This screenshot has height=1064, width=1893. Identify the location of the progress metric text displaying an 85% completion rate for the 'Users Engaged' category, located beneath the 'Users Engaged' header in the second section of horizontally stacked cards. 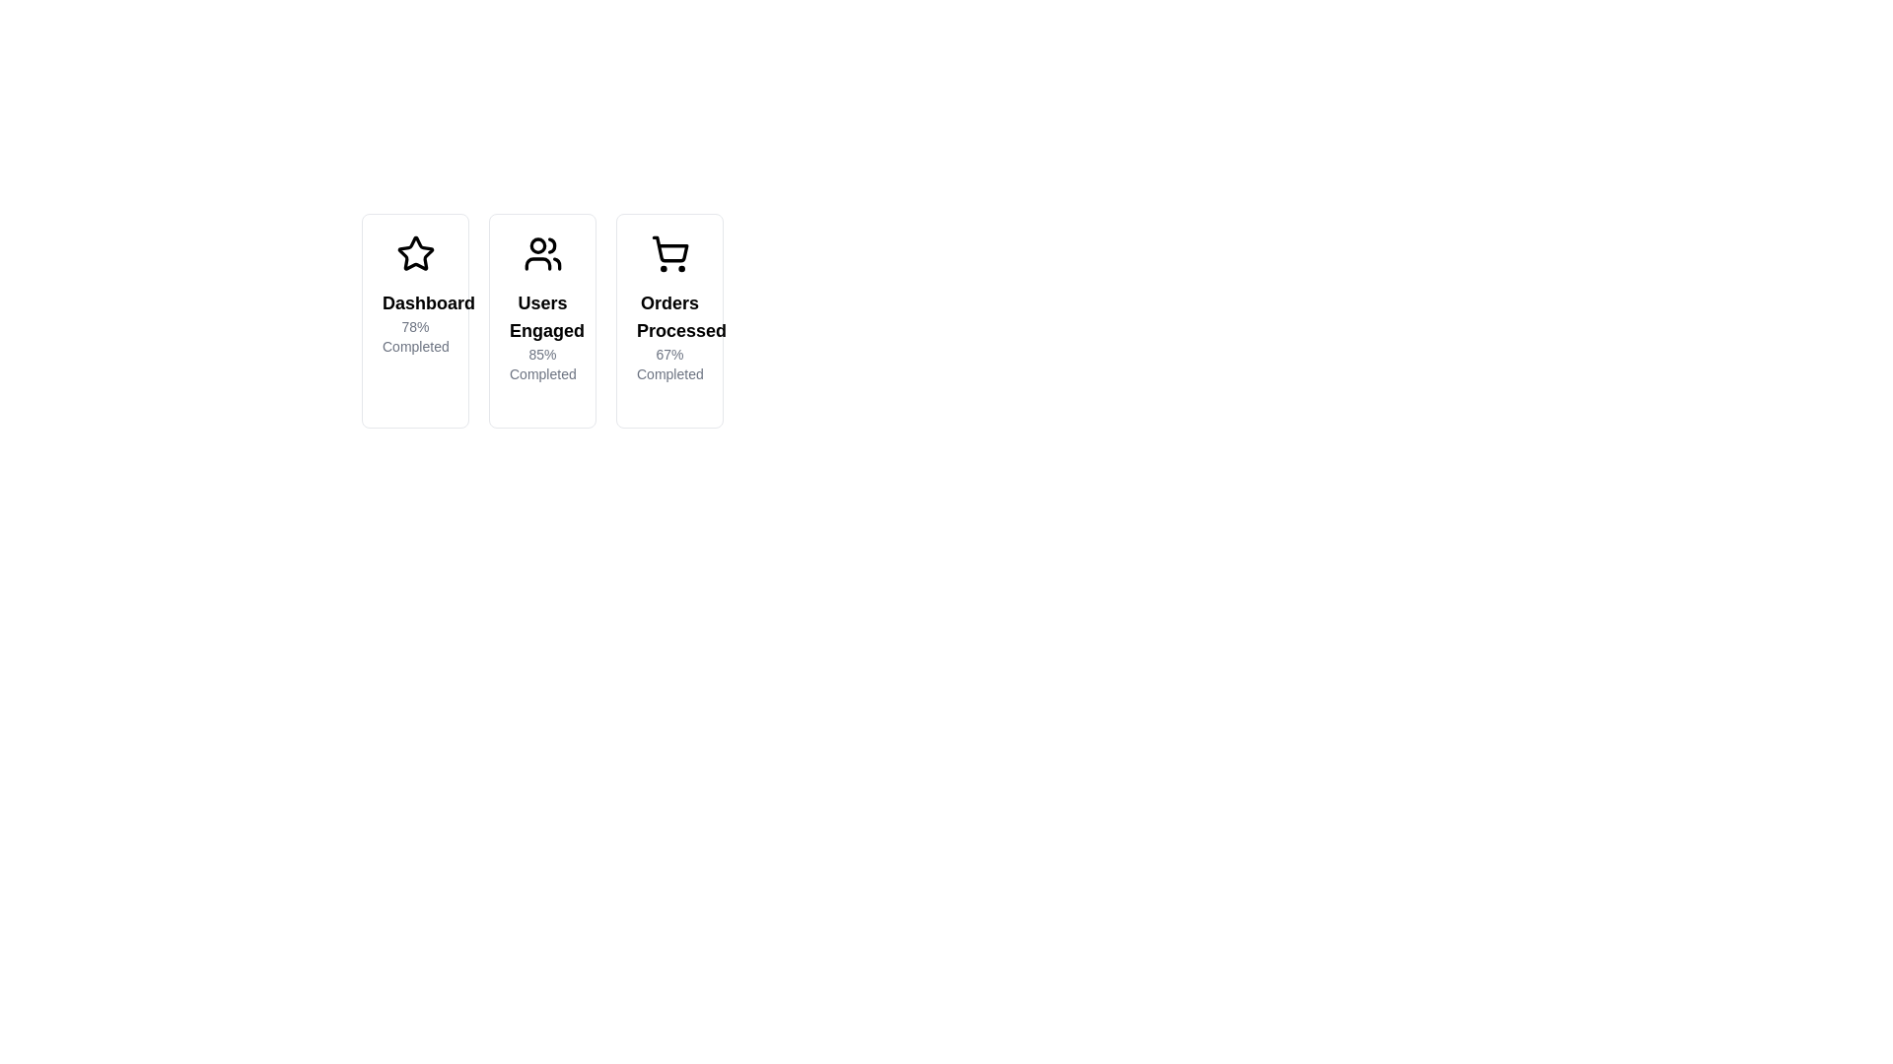
(542, 365).